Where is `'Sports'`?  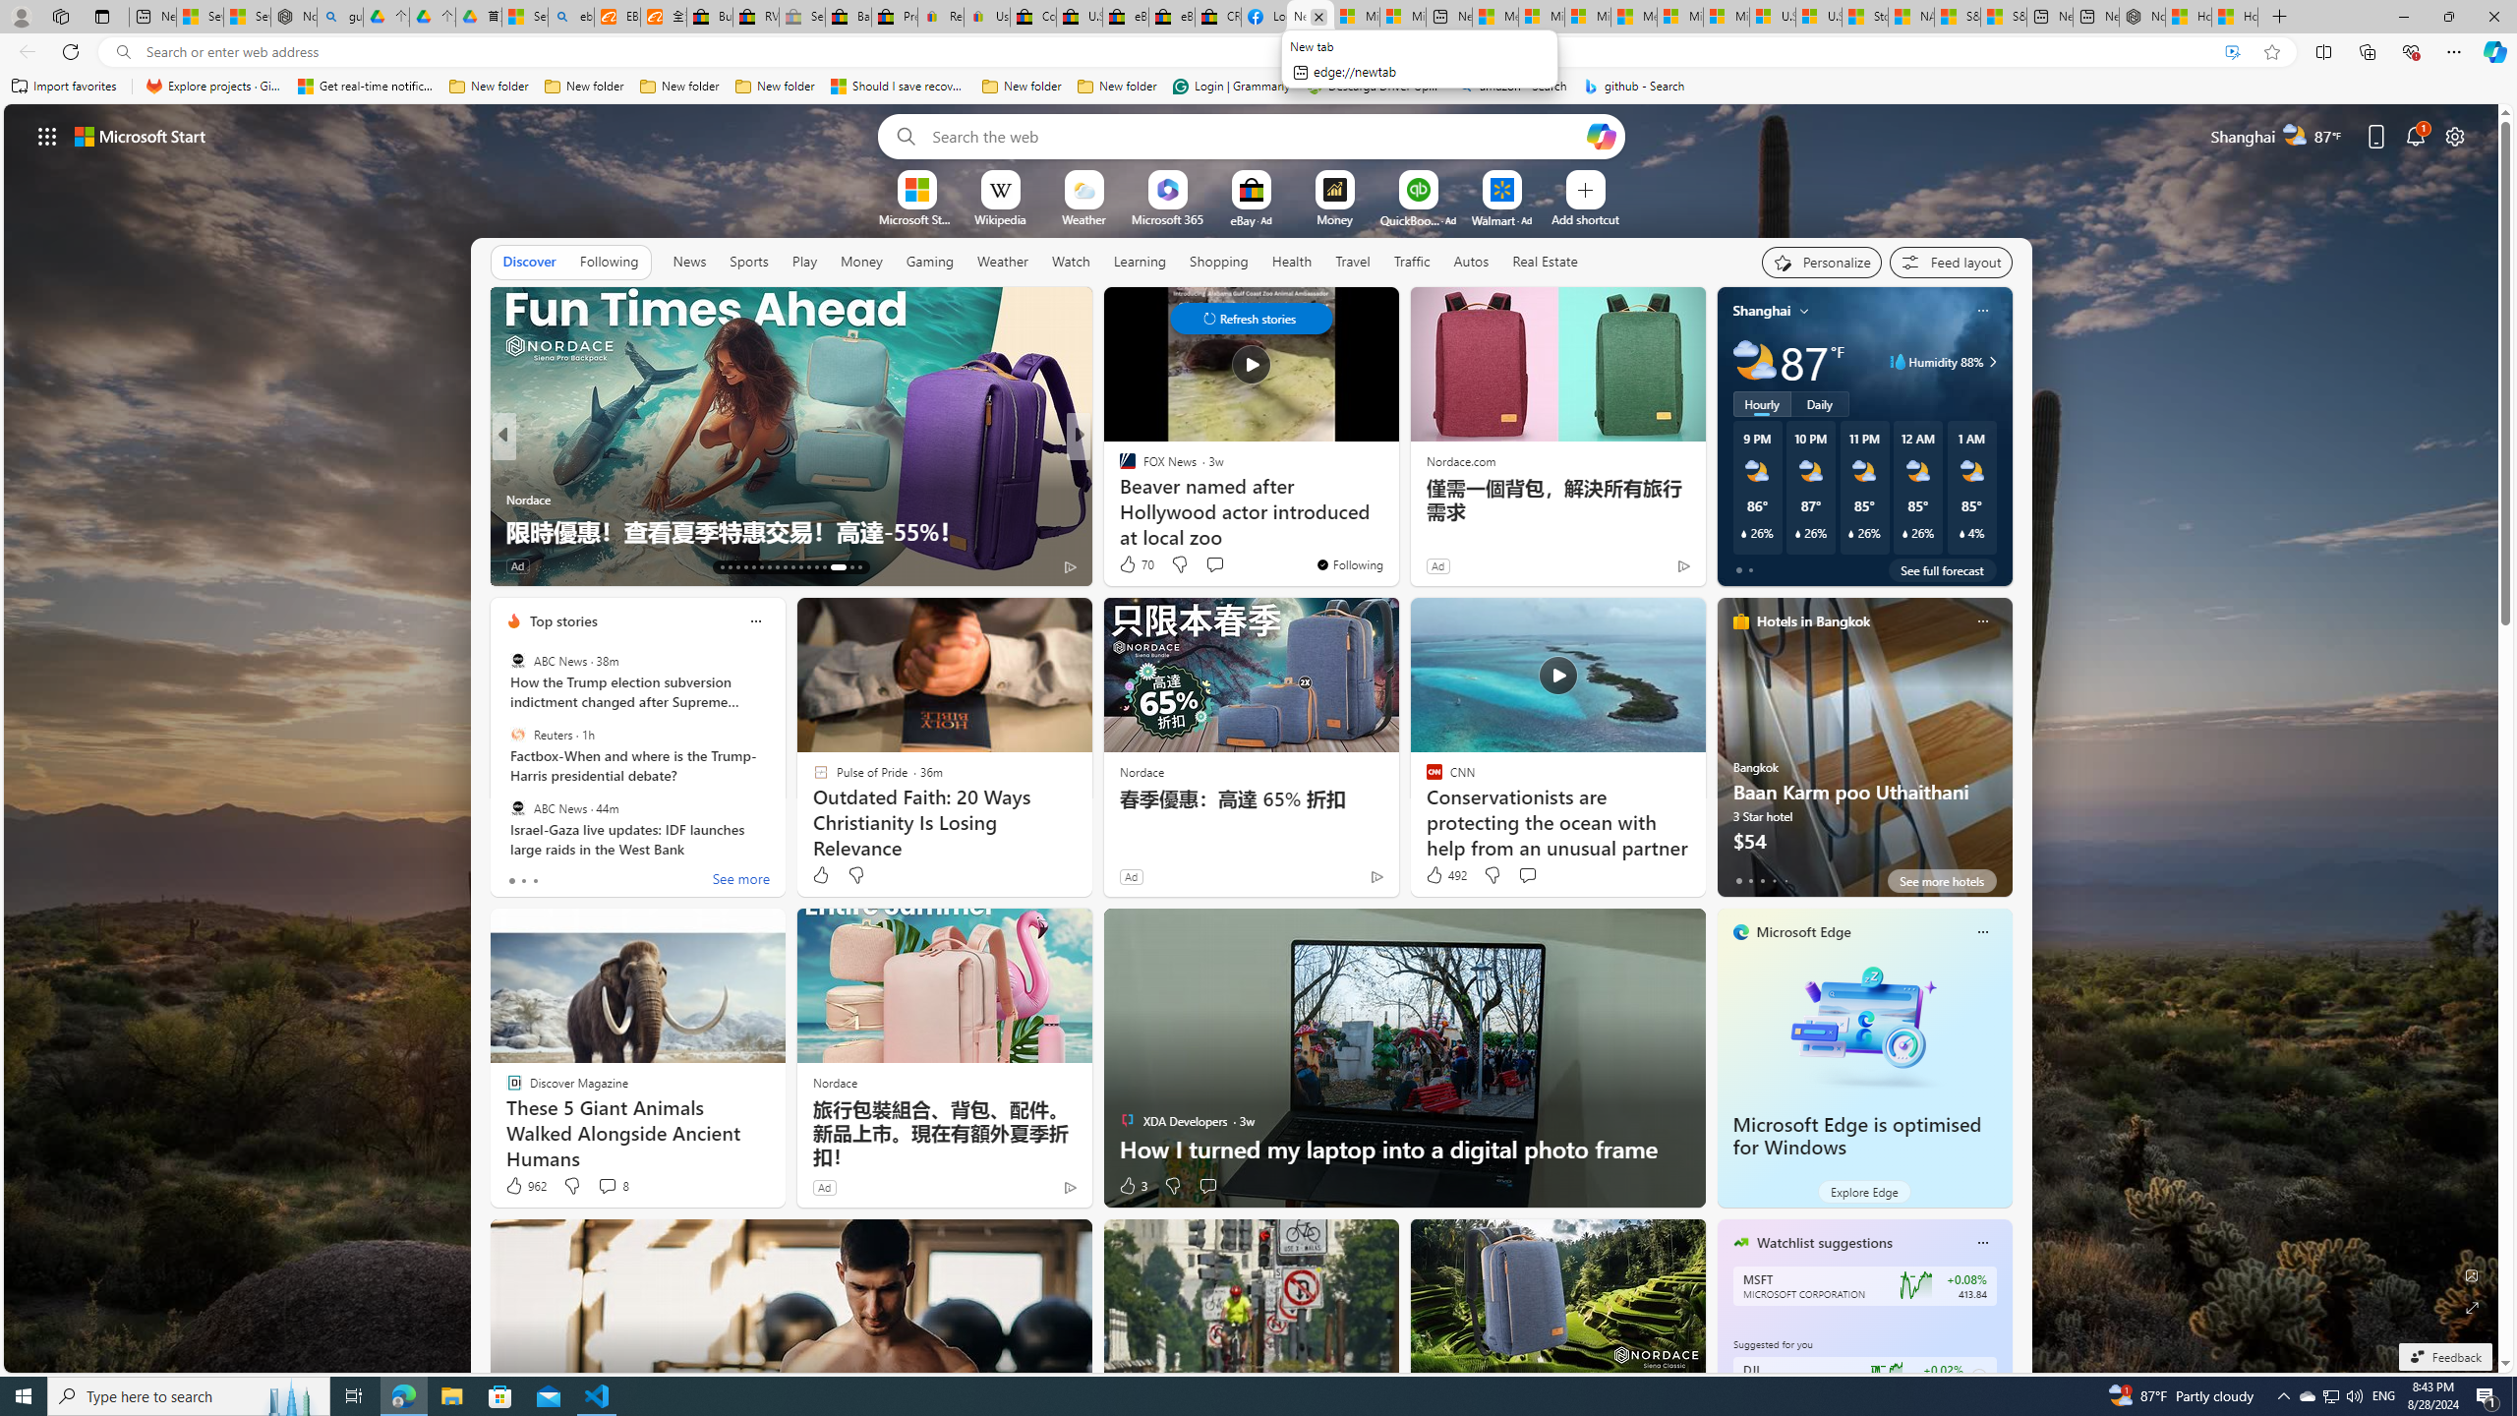 'Sports' is located at coordinates (748, 261).